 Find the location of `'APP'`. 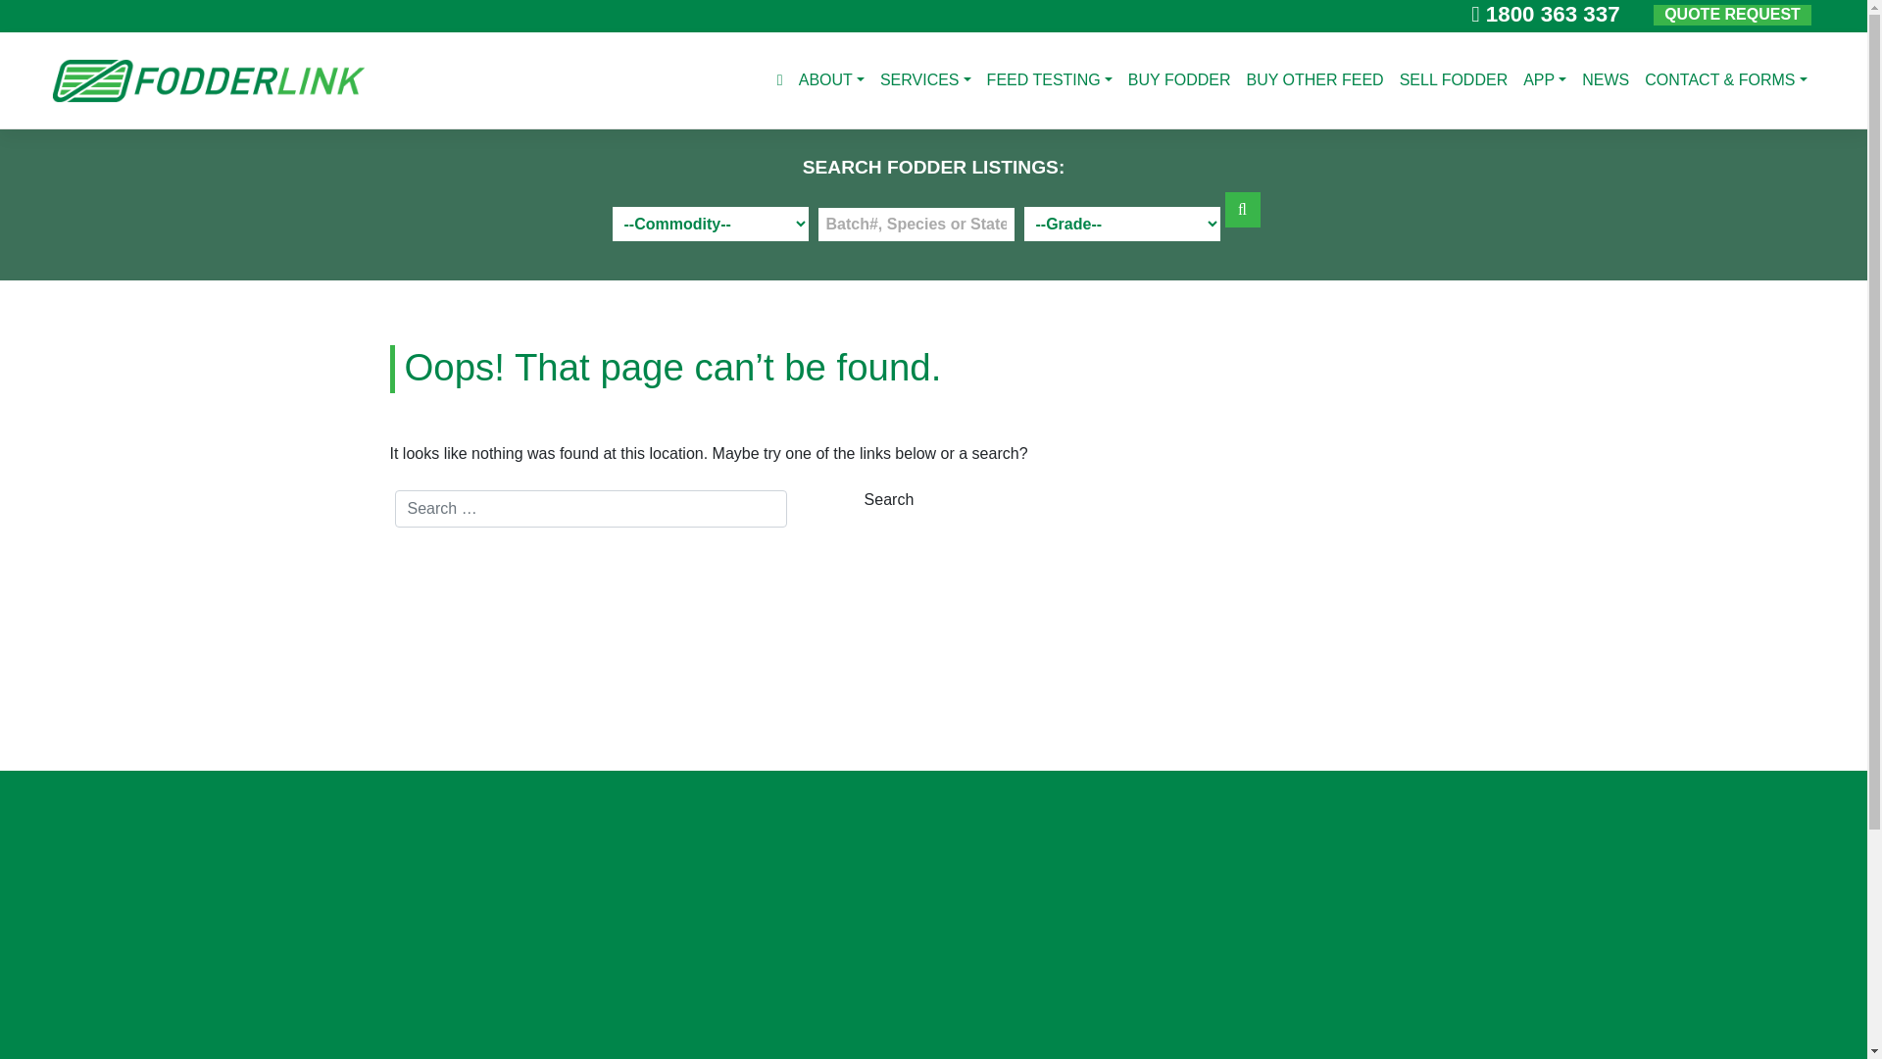

'APP' is located at coordinates (1543, 78).